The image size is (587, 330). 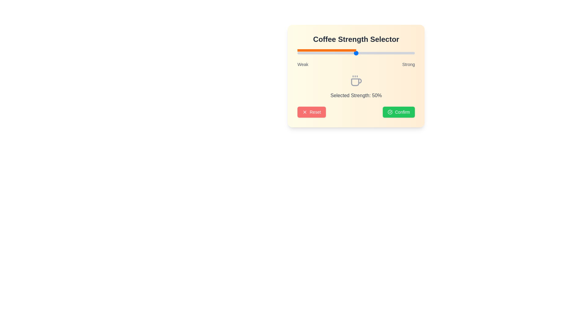 What do you see at coordinates (327, 50) in the screenshot?
I see `the left segment of the top bar of the modal dialog, which visually represents a 50% strength selection in coffee strength` at bounding box center [327, 50].